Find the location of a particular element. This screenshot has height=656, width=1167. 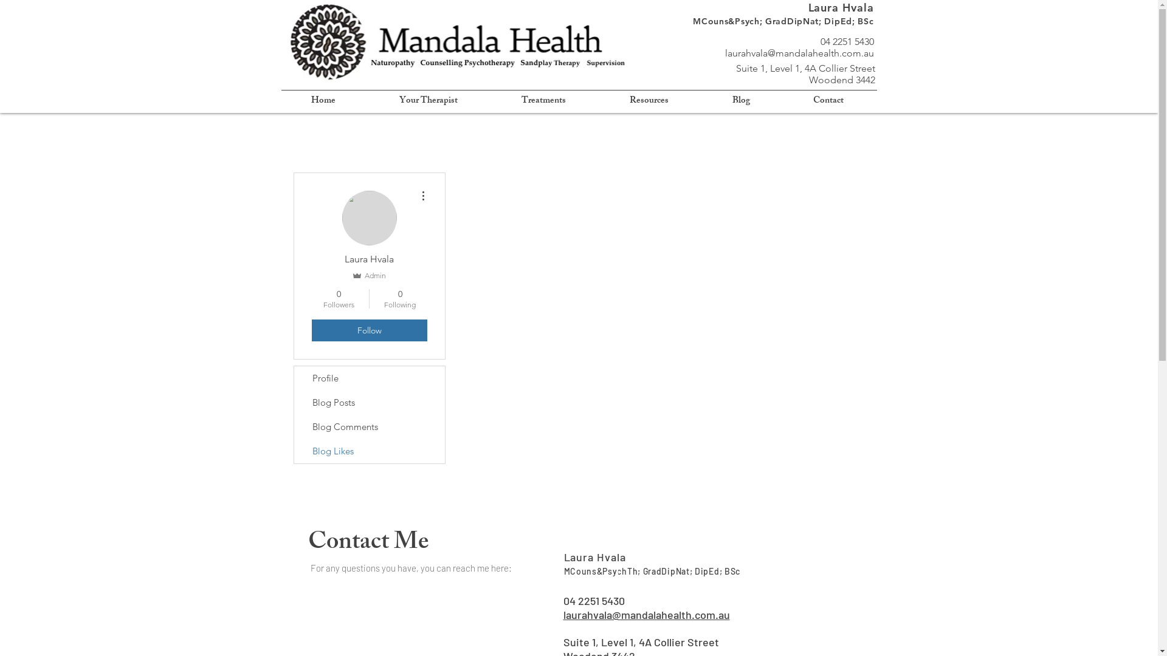

'0 is located at coordinates (400, 299).